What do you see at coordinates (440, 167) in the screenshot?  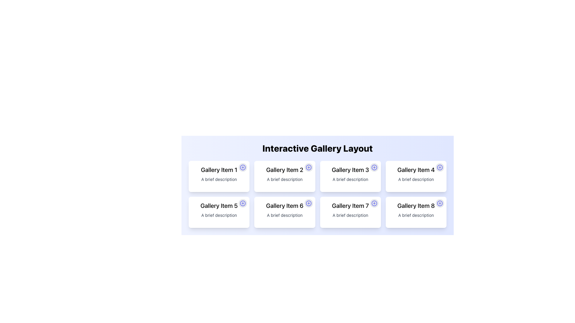 I see `the blue stroke SVG circle element located at the top-right corner of the 'Gallery Item 4' card` at bounding box center [440, 167].